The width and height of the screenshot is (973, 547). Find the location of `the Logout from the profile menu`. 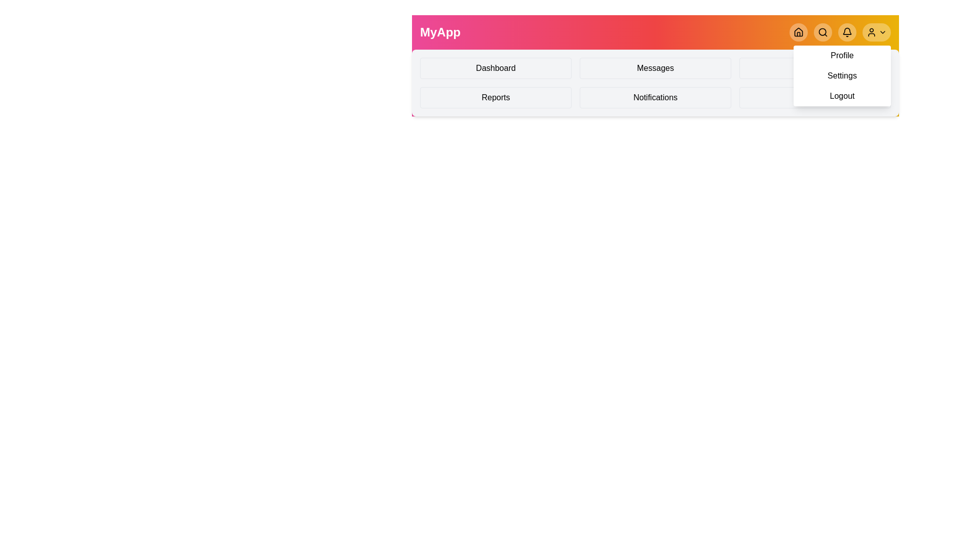

the Logout from the profile menu is located at coordinates (842, 96).